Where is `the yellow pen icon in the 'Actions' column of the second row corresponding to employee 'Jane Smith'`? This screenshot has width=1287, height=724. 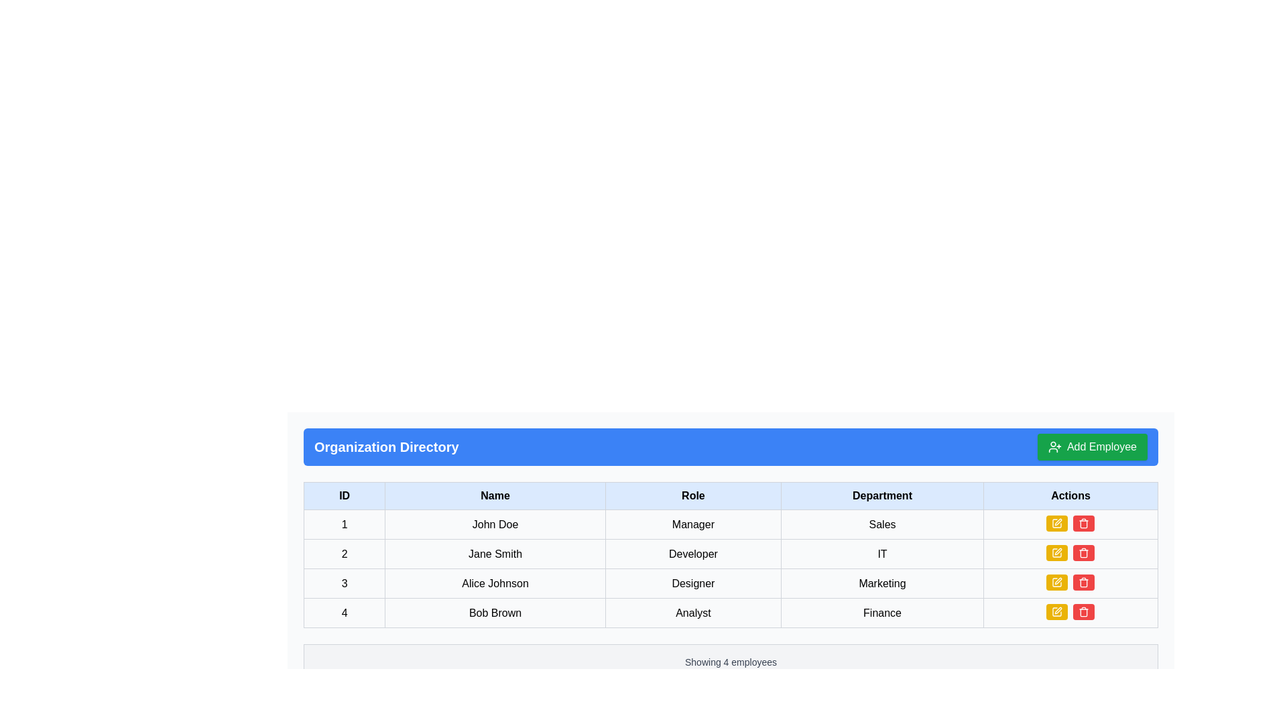 the yellow pen icon in the 'Actions' column of the second row corresponding to employee 'Jane Smith' is located at coordinates (1058, 551).